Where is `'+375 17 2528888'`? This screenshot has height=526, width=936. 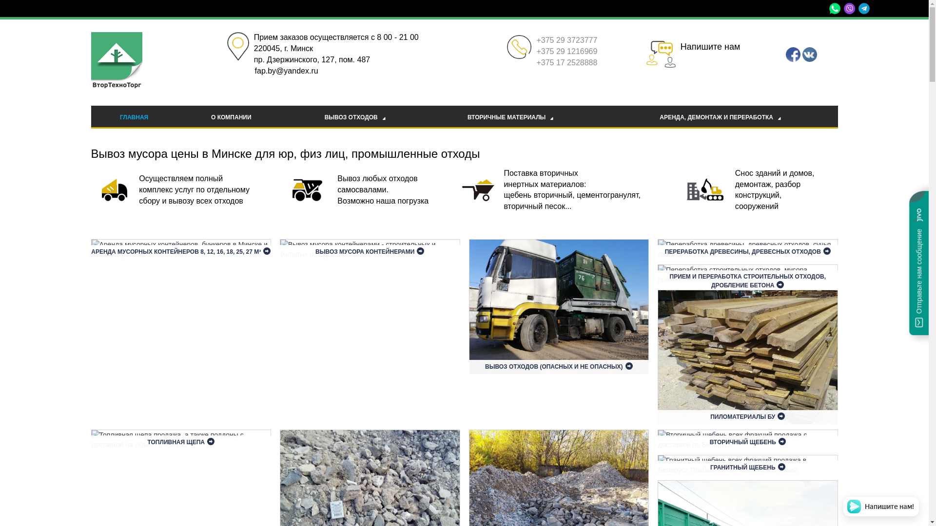 '+375 17 2528888' is located at coordinates (566, 62).